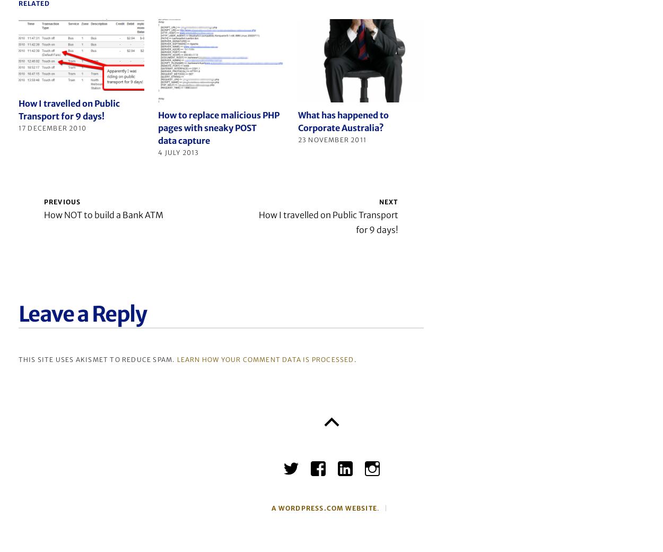 Image resolution: width=663 pixels, height=552 pixels. What do you see at coordinates (82, 313) in the screenshot?
I see `'Leave a Reply'` at bounding box center [82, 313].